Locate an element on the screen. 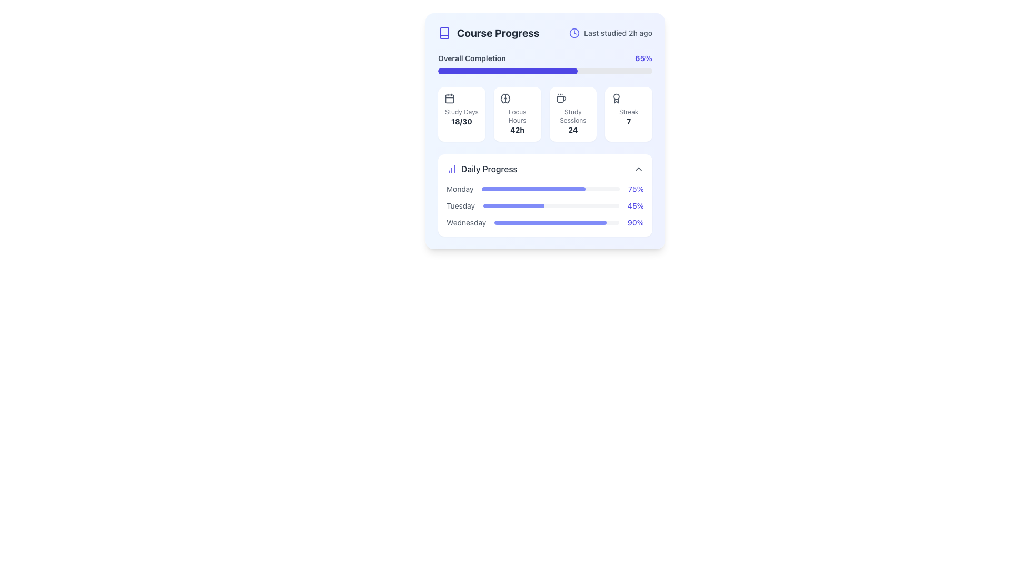 This screenshot has height=569, width=1011. the 'Overall Completion' text label, which is styled in bold gray font and located above the progress bar in the 'Course Progress' section is located at coordinates (471, 58).